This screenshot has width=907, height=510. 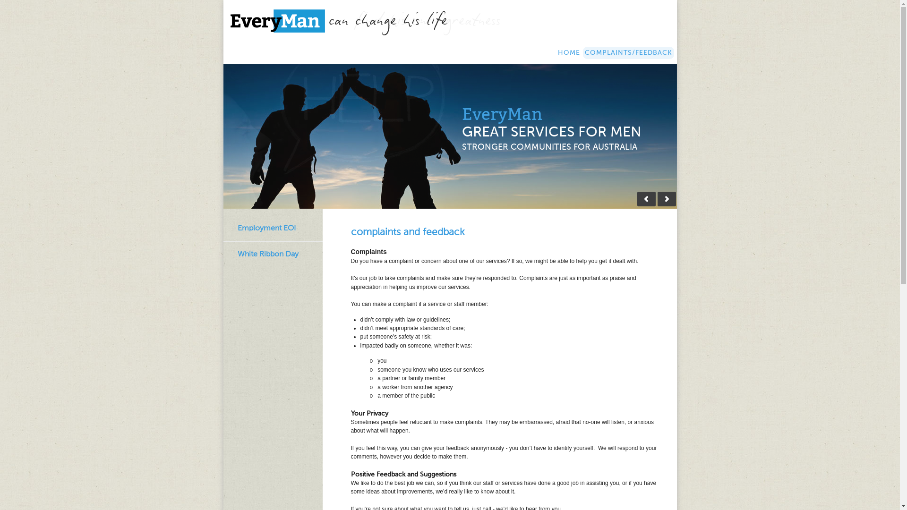 What do you see at coordinates (628, 52) in the screenshot?
I see `'COMPLAINTS/FEEDBACK'` at bounding box center [628, 52].